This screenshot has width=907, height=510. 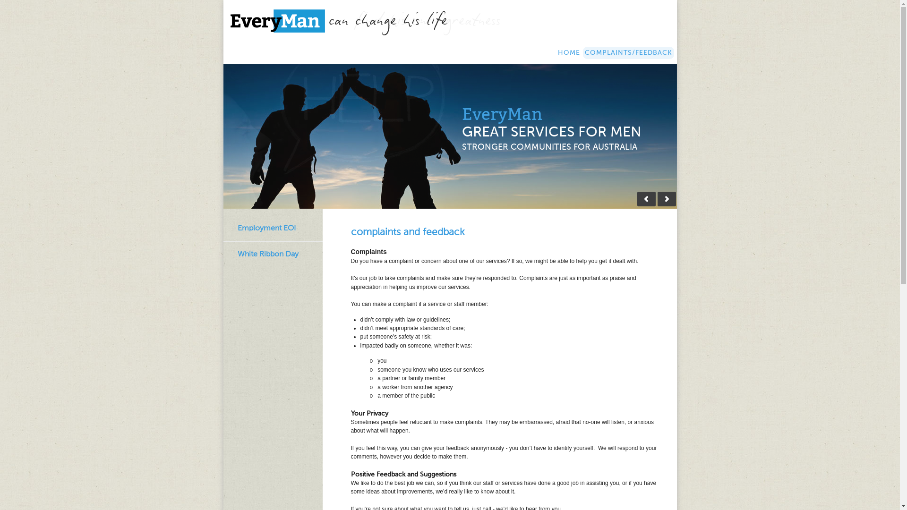 What do you see at coordinates (628, 52) in the screenshot?
I see `'COMPLAINTS/FEEDBACK'` at bounding box center [628, 52].